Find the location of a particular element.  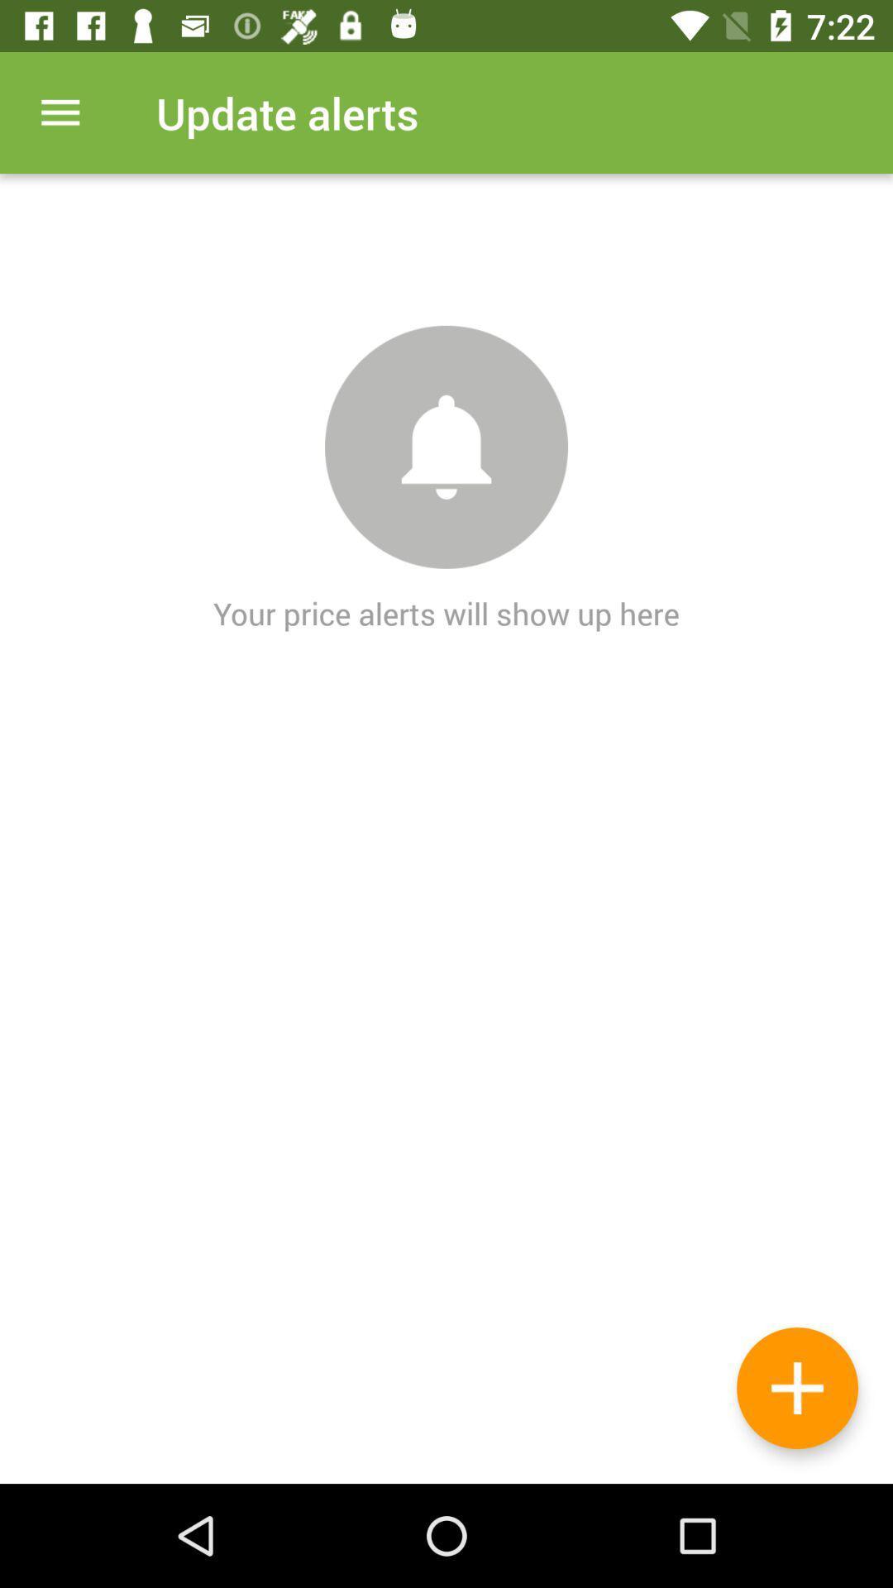

the icon at the bottom right corner is located at coordinates (796, 1388).